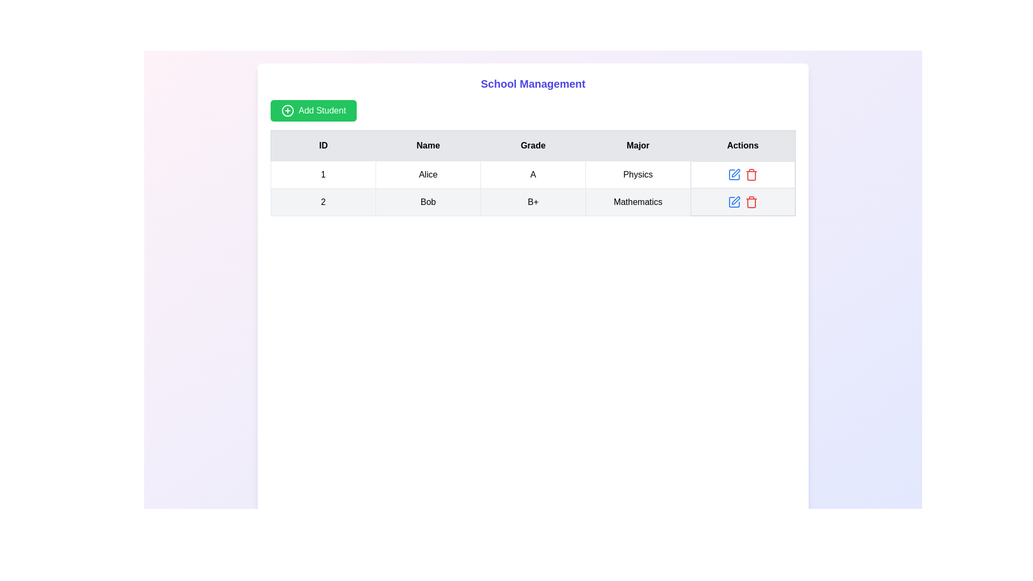 This screenshot has width=1033, height=581. What do you see at coordinates (533, 201) in the screenshot?
I see `on the table cell displaying the grade 'B+' in the 'Grade' column for 'Bob'` at bounding box center [533, 201].